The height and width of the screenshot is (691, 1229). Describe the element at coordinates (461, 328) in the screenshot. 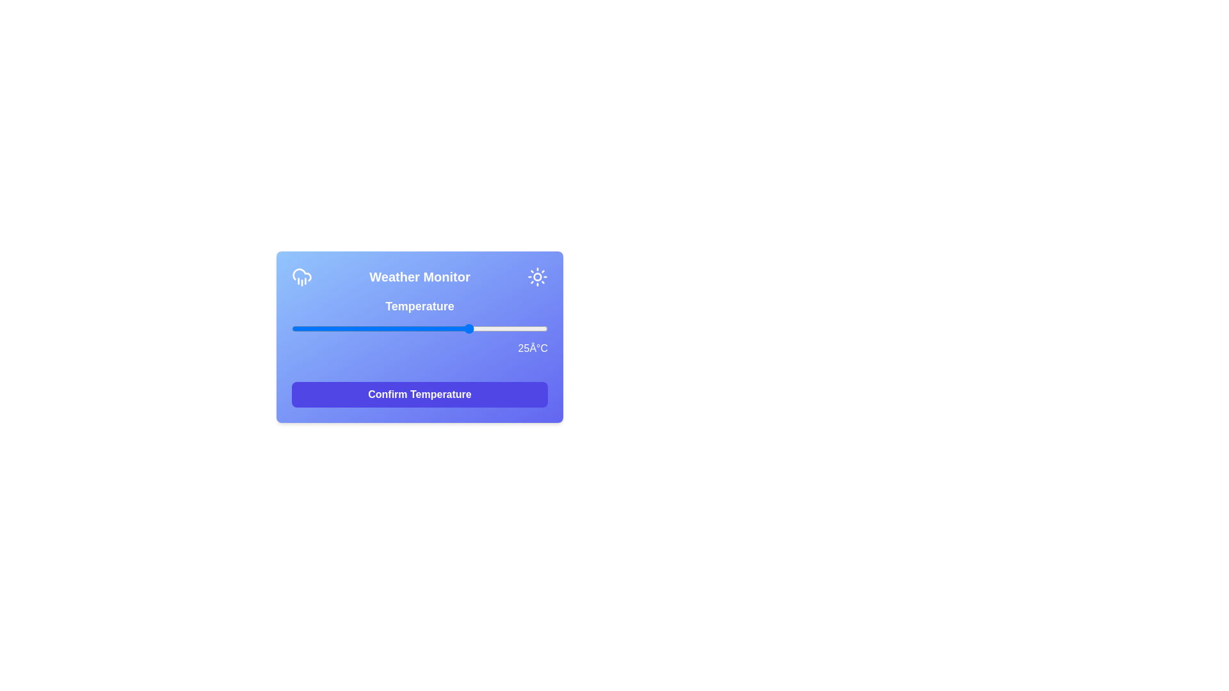

I see `the temperature` at that location.